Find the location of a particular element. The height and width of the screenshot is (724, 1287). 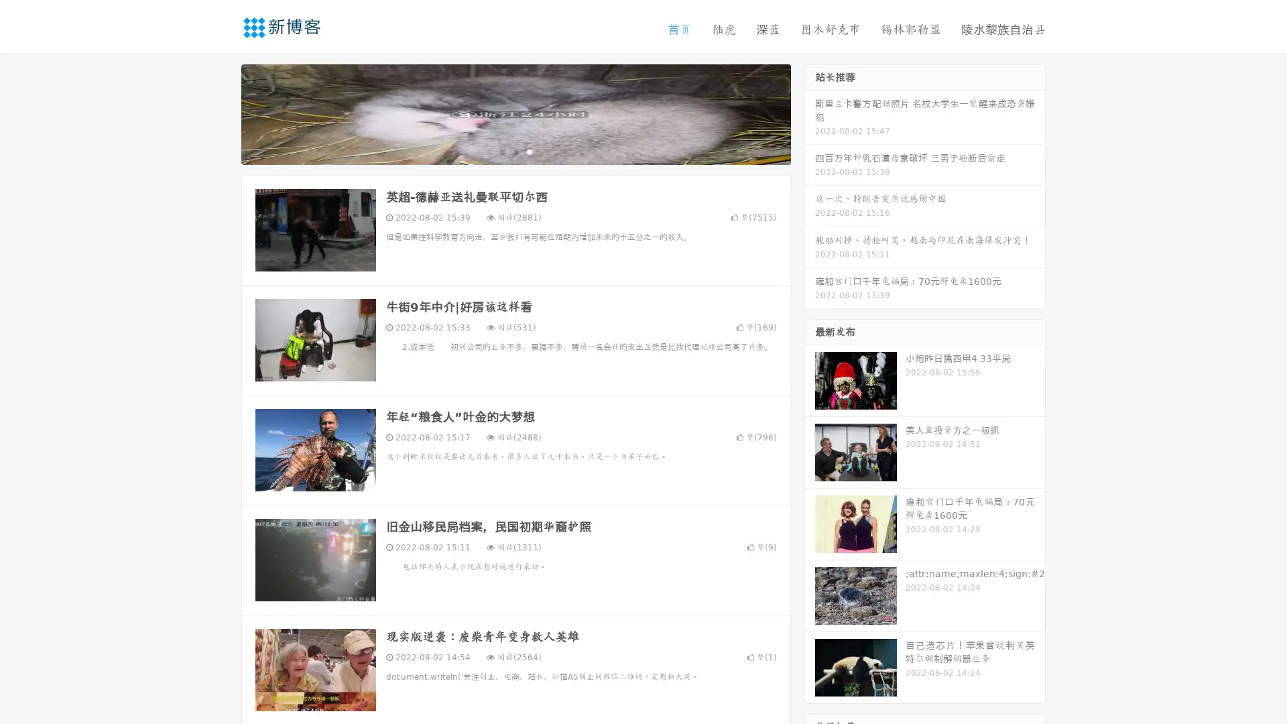

Next slide is located at coordinates (810, 113).